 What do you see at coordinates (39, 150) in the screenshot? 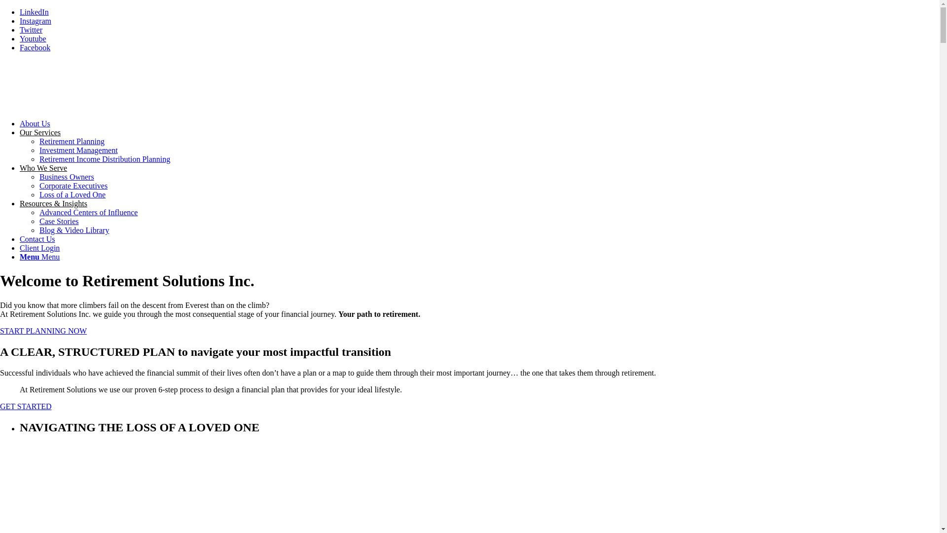
I see `'Investment Management'` at bounding box center [39, 150].